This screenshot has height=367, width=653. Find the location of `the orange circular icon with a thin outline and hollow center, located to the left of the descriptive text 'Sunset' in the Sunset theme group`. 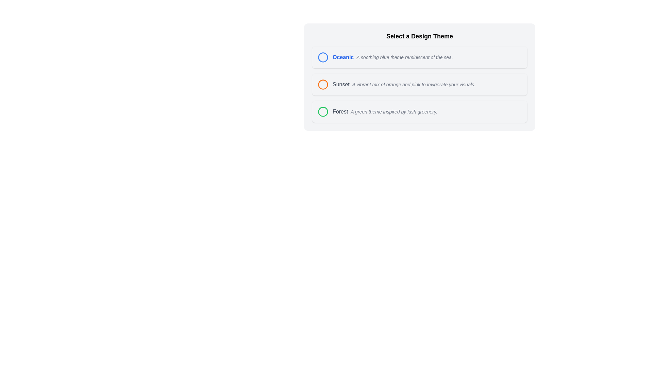

the orange circular icon with a thin outline and hollow center, located to the left of the descriptive text 'Sunset' in the Sunset theme group is located at coordinates (323, 84).